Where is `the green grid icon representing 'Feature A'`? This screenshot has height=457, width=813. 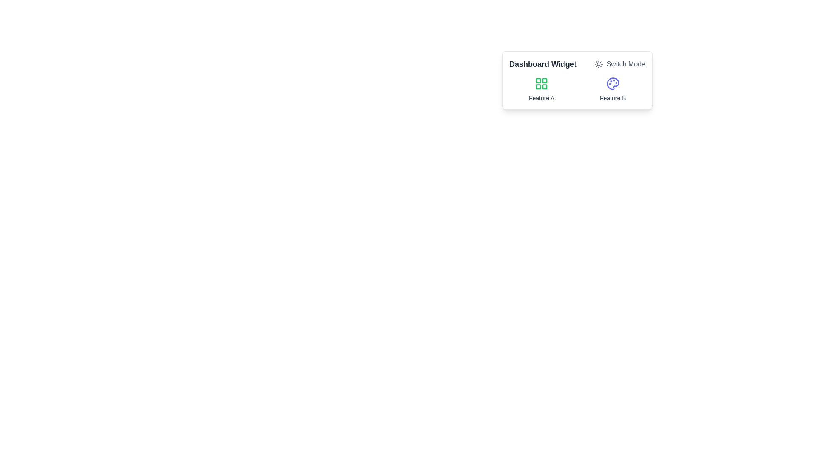 the green grid icon representing 'Feature A' is located at coordinates (541, 83).